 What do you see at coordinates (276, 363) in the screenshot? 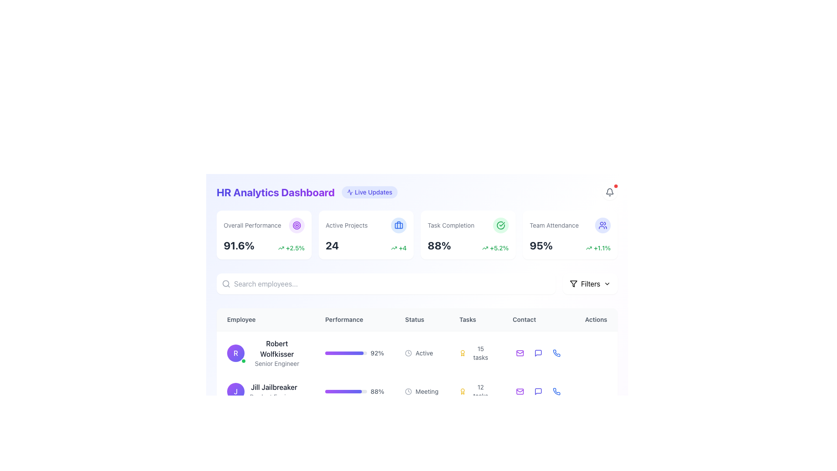
I see `the text label displaying 'Senior Engineer', which is styled with a small font size and light gray color, located below 'Robert Wolfkisser' in the Employee column of the dashboard interface` at bounding box center [276, 363].